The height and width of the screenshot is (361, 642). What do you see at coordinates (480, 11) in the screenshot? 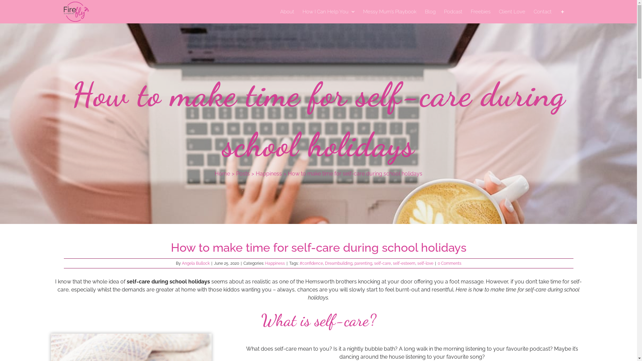
I see `'Freebies'` at bounding box center [480, 11].